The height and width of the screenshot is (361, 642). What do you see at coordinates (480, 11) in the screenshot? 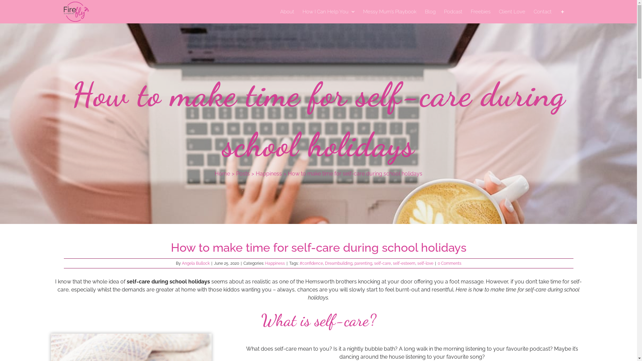
I see `'Freebies'` at bounding box center [480, 11].